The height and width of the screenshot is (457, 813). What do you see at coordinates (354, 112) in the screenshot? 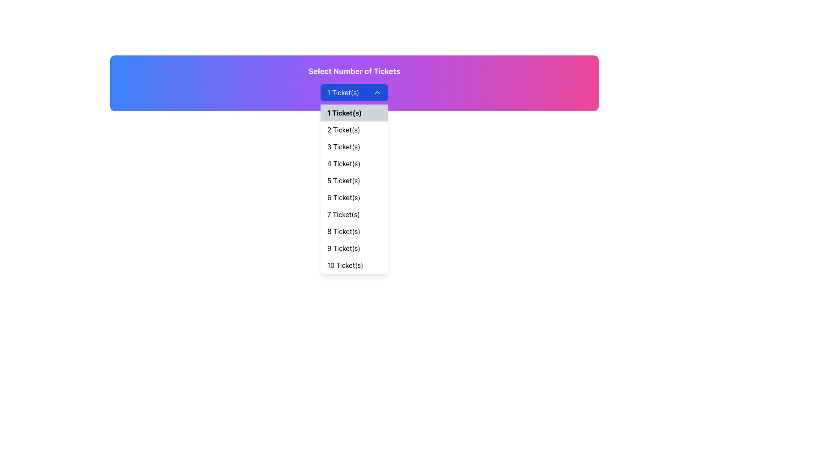
I see `the '1 Ticket(s)' option in the dropdown menu` at bounding box center [354, 112].